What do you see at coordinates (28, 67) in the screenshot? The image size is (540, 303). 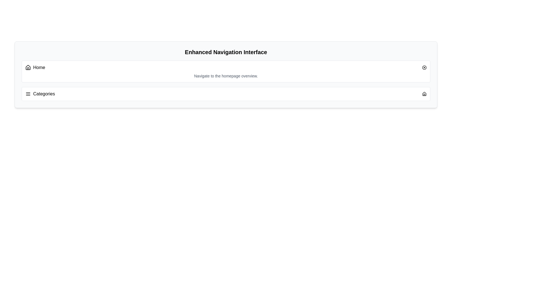 I see `the house-like icon representing 'Home' in the navigation menu` at bounding box center [28, 67].